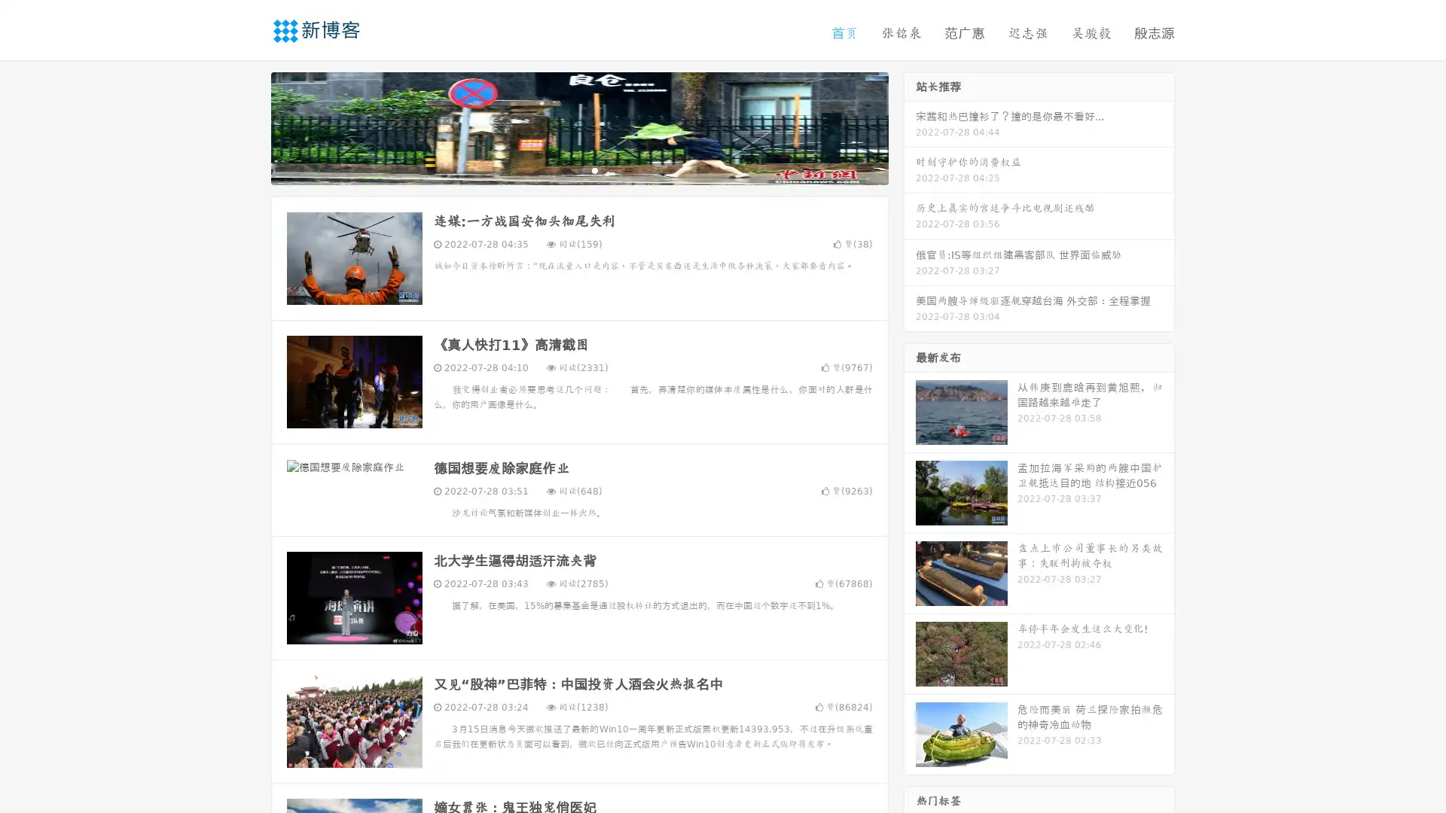  What do you see at coordinates (910, 126) in the screenshot?
I see `Next slide` at bounding box center [910, 126].